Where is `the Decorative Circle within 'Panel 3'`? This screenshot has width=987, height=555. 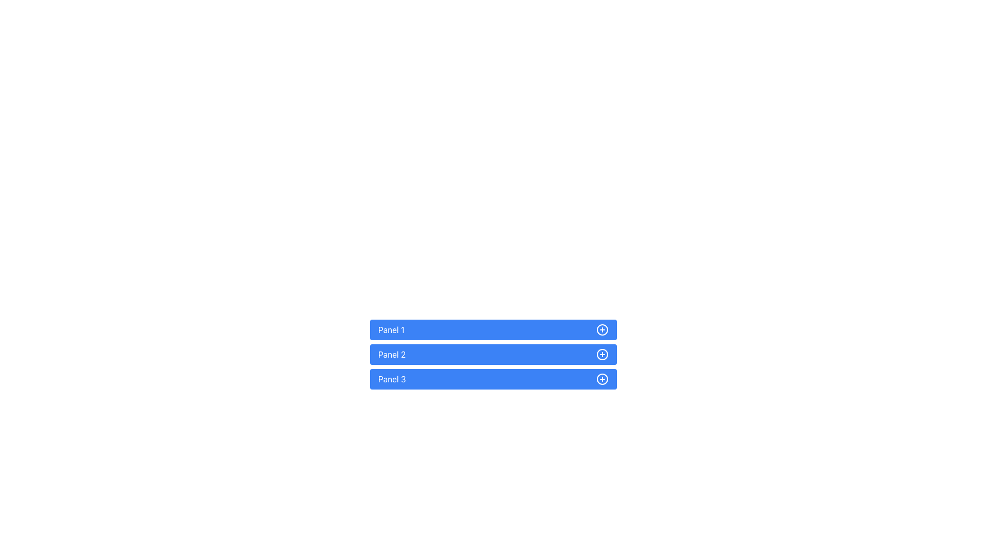 the Decorative Circle within 'Panel 3' is located at coordinates (602, 379).